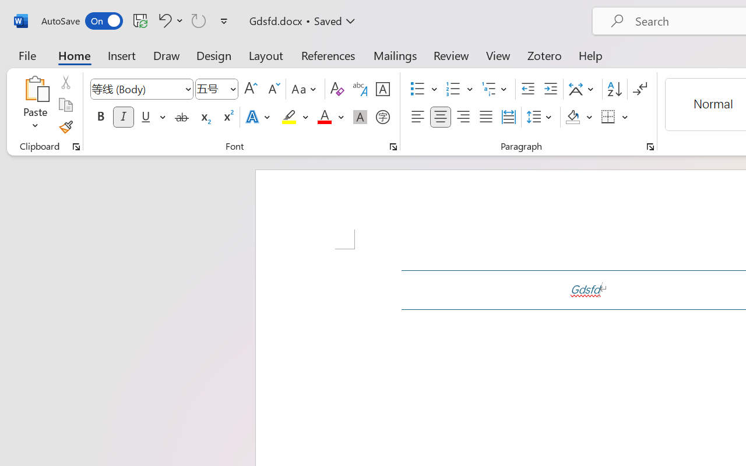  What do you see at coordinates (360, 117) in the screenshot?
I see `'Character Shading'` at bounding box center [360, 117].